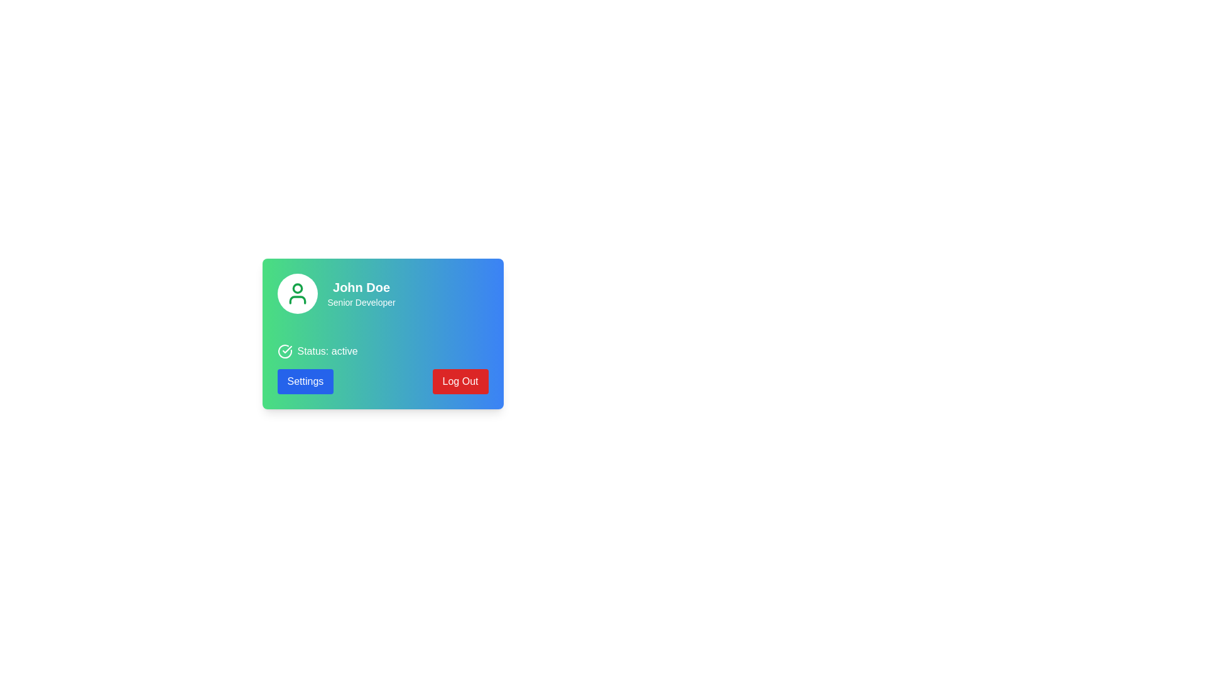 This screenshot has width=1206, height=678. What do you see at coordinates (361, 288) in the screenshot?
I see `the static text displaying the user's name, which is located above the 'Senior Developer' text and to the right of the avatar icon` at bounding box center [361, 288].